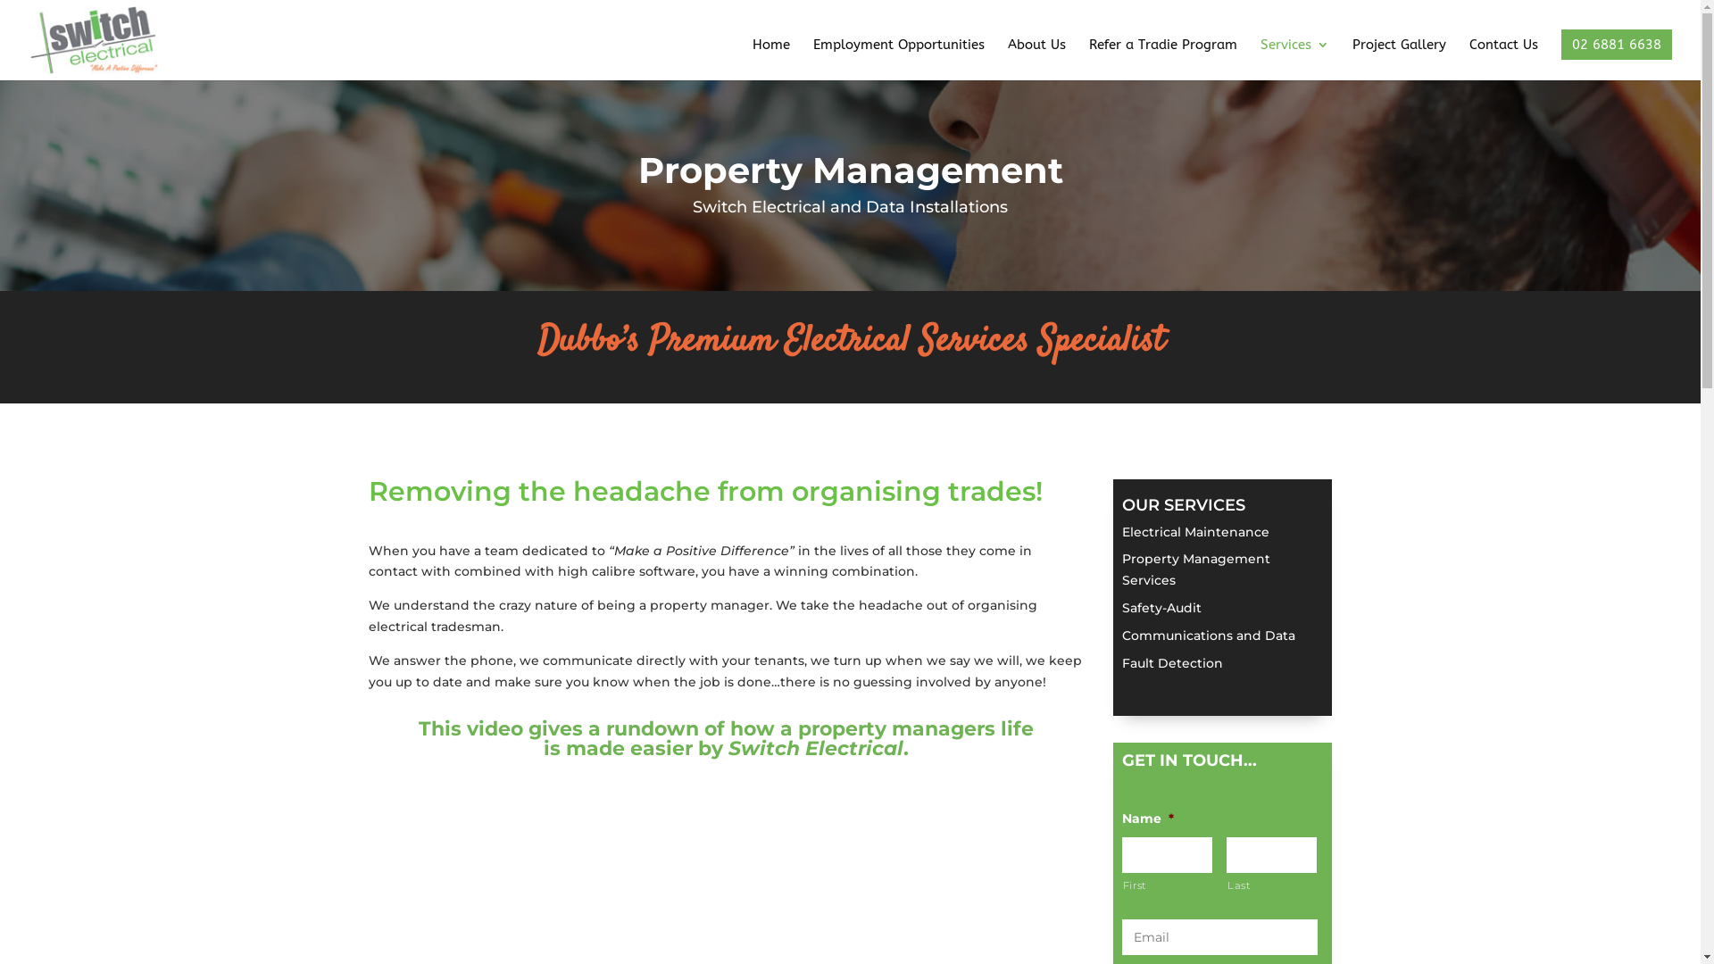 This screenshot has height=964, width=1714. What do you see at coordinates (1172, 663) in the screenshot?
I see `'Fault Detection'` at bounding box center [1172, 663].